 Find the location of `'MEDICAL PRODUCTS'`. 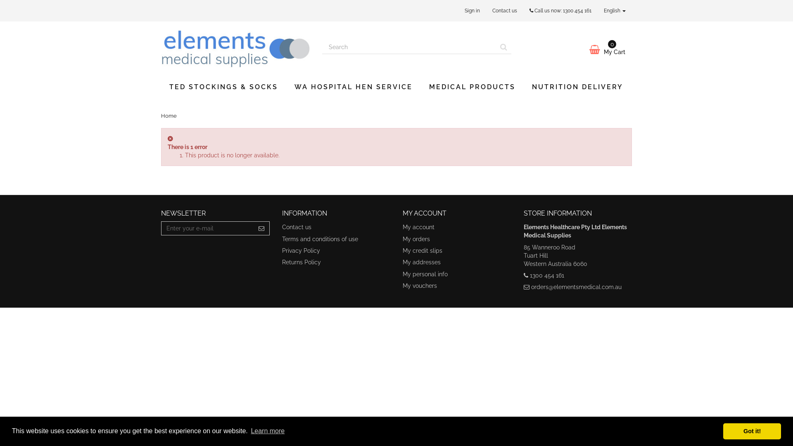

'MEDICAL PRODUCTS' is located at coordinates (472, 87).